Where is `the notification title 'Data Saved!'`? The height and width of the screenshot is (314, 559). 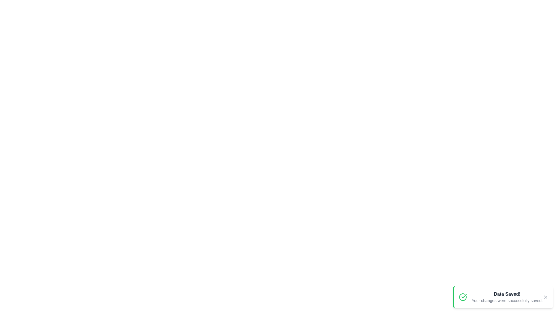 the notification title 'Data Saved!' is located at coordinates (507, 294).